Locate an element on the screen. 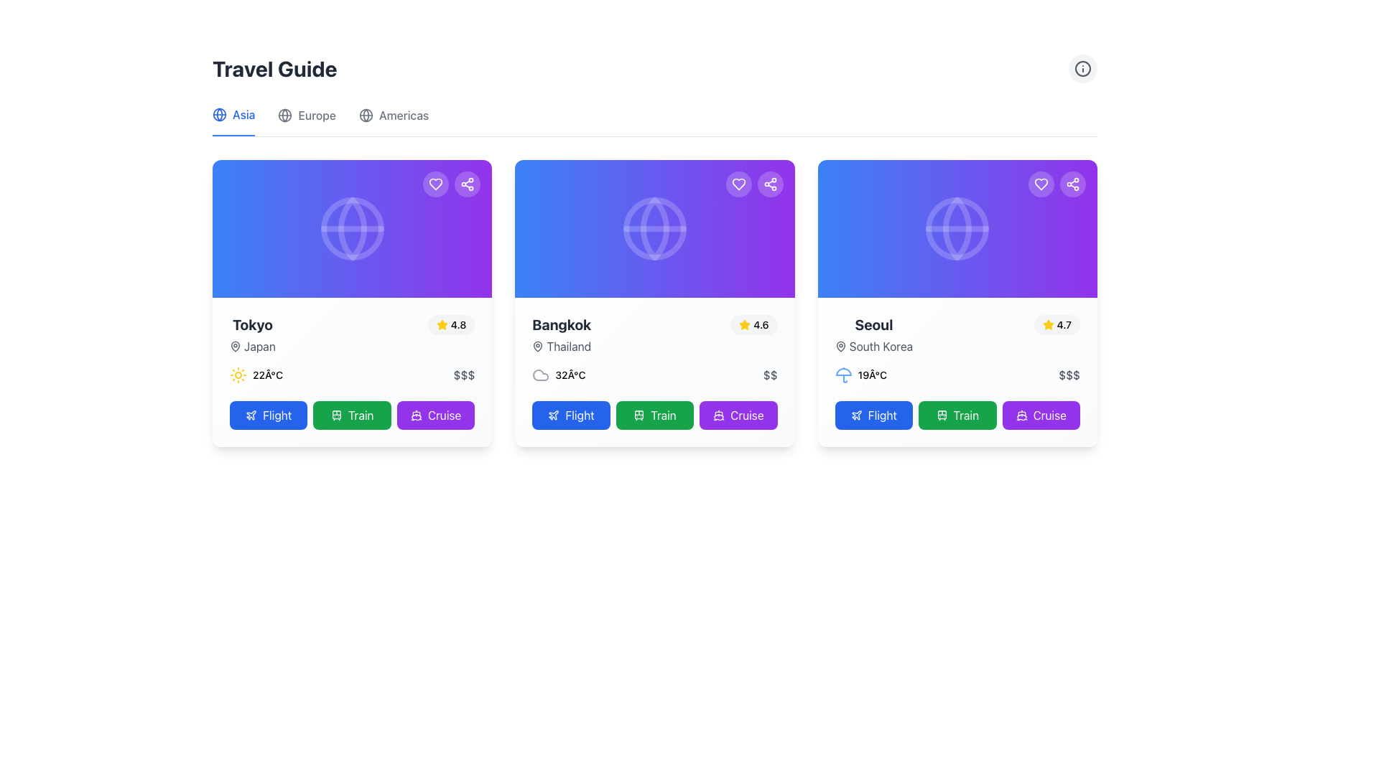  the circular globe icon located in the top center section of the Seoul card, which features intersecting lines and a gradient blue-to-purple background is located at coordinates (957, 228).